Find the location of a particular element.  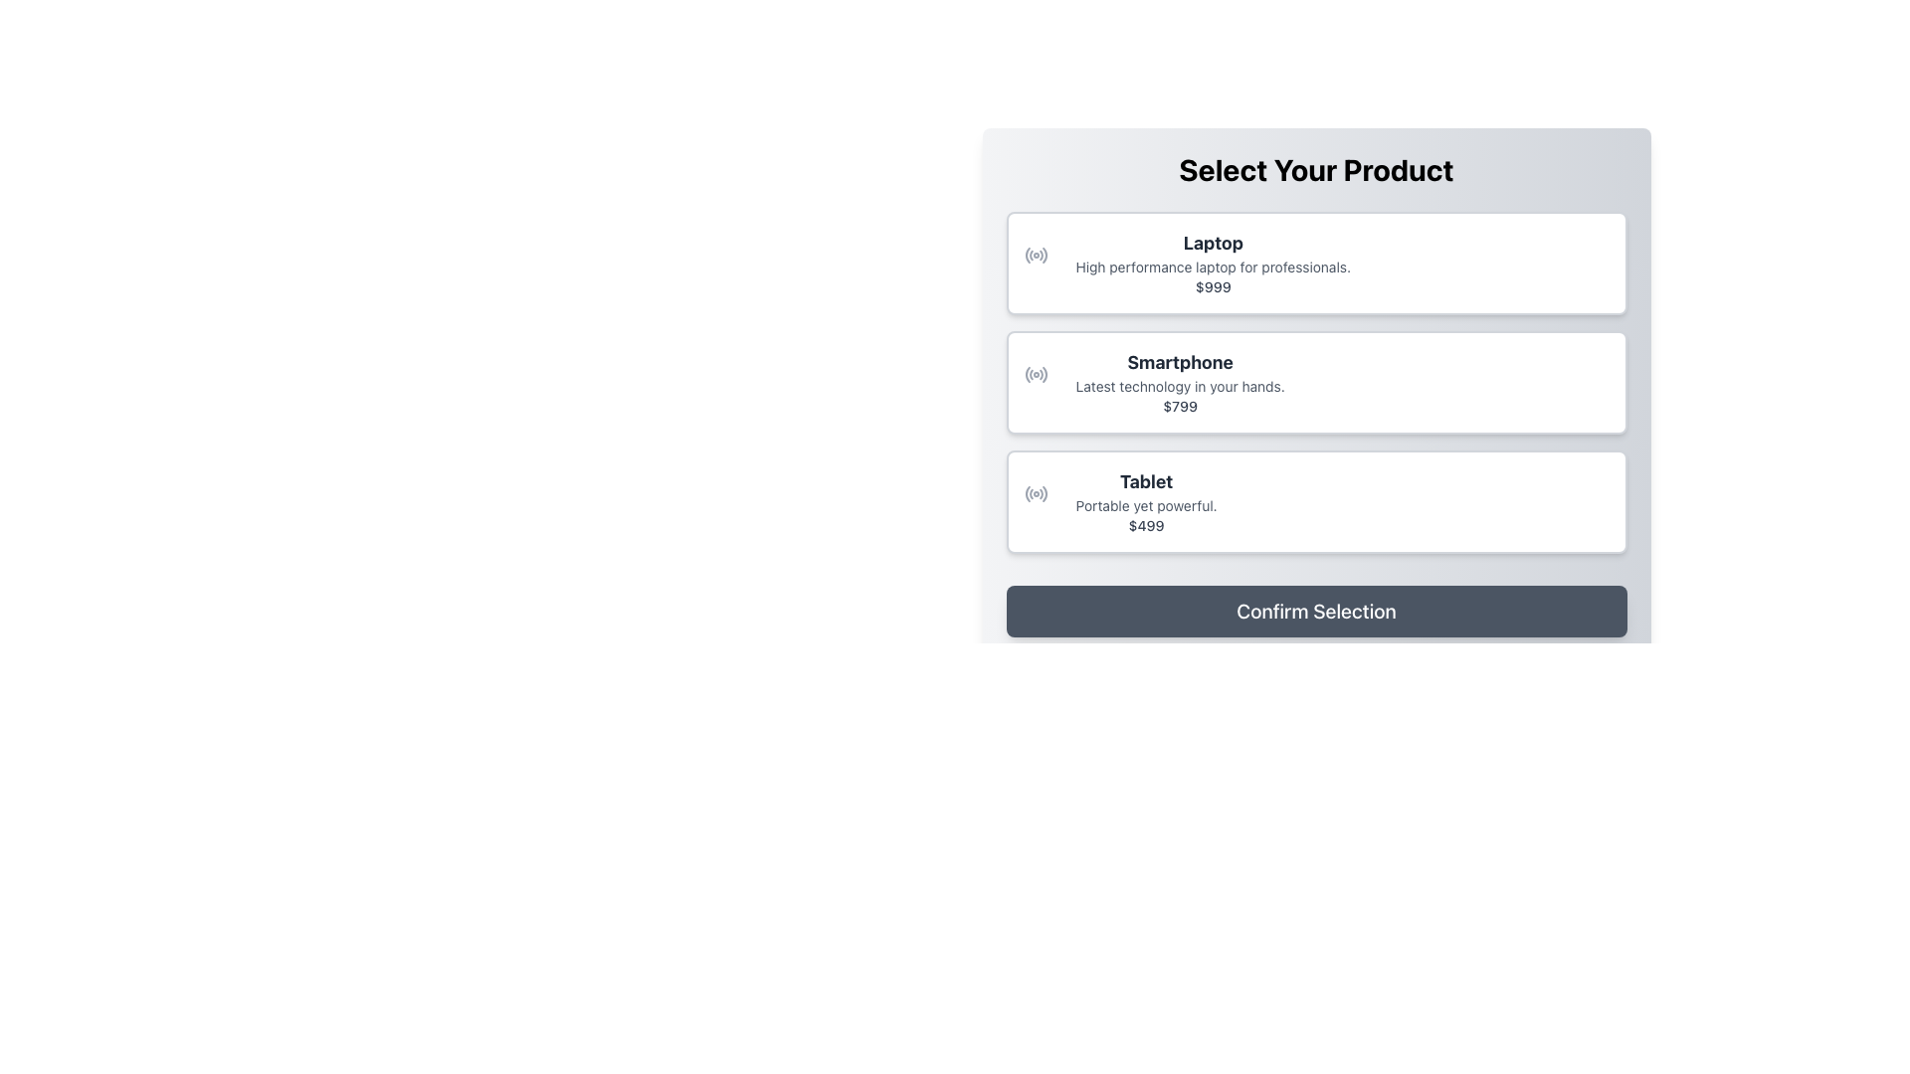

the Text Block displaying the product details including 'Tablet', 'Portable yet powerful.', and '$499', which is centered in the third row of the product list is located at coordinates (1146, 501).